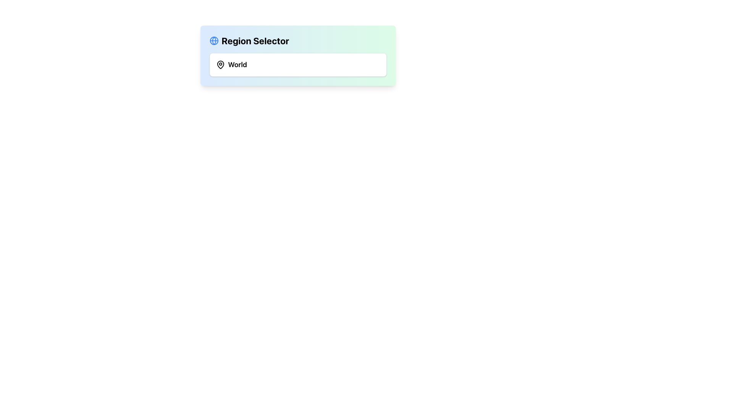  Describe the element at coordinates (214, 41) in the screenshot. I see `the blue circular SVG element that is part of the graphical globe icon, located to the left of the 'Region Selector' title text` at that location.